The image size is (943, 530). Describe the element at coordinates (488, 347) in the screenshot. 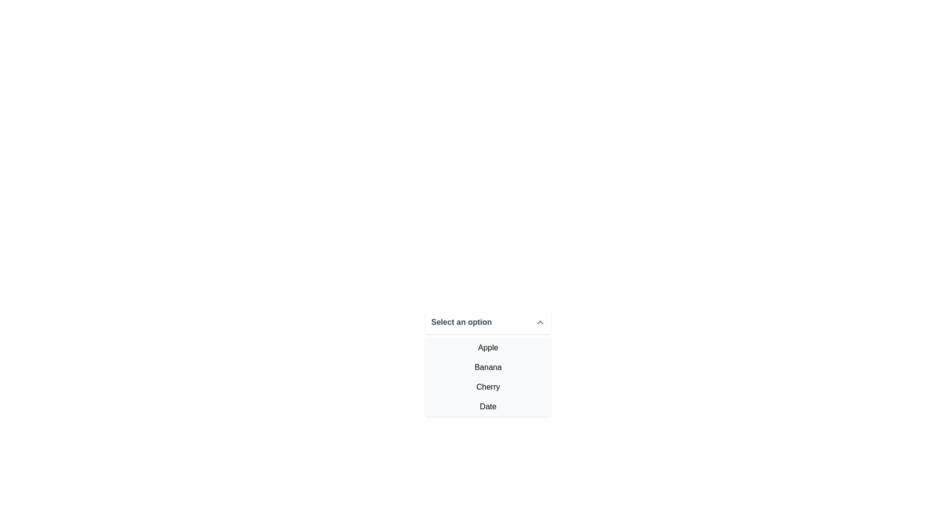

I see `the first option in the dropdown menu` at that location.